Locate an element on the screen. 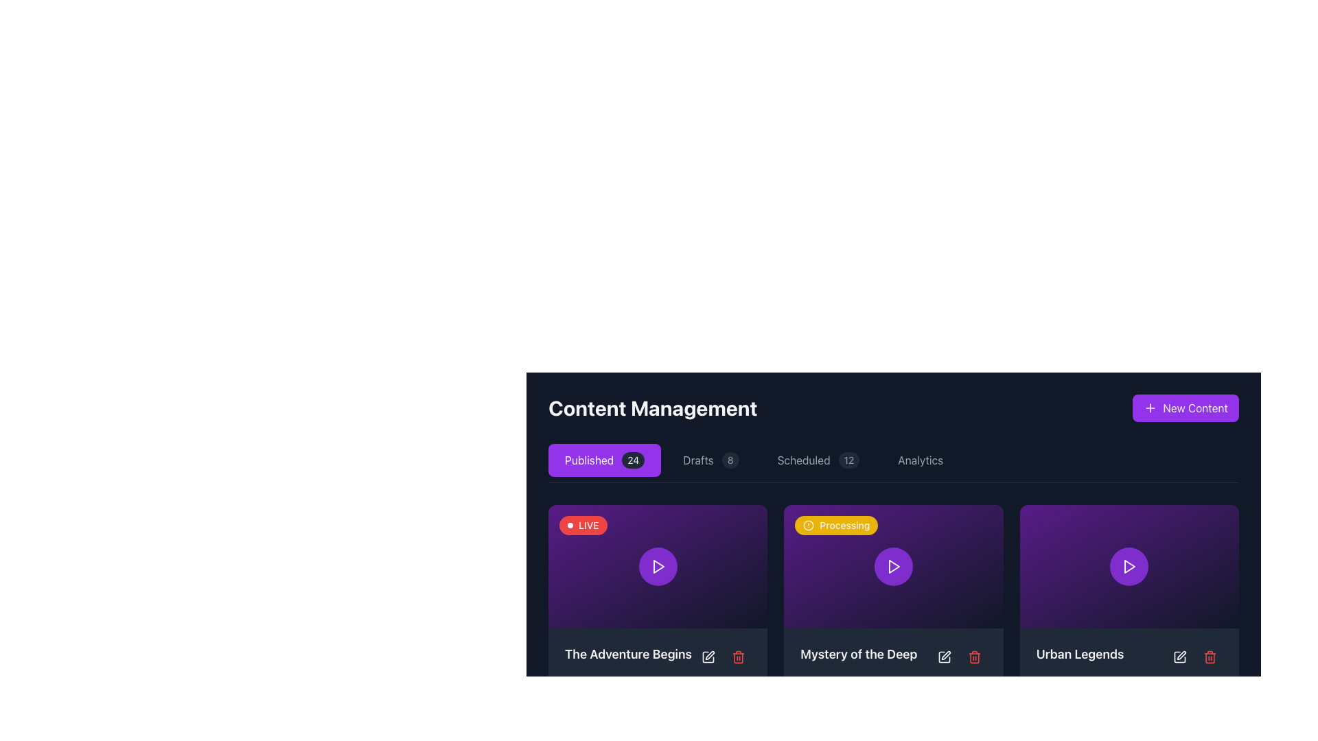  the edit icon in the action toolbar beneath the card titled 'The Adventure Begins' to initiate editing actions for the content is located at coordinates (708, 656).